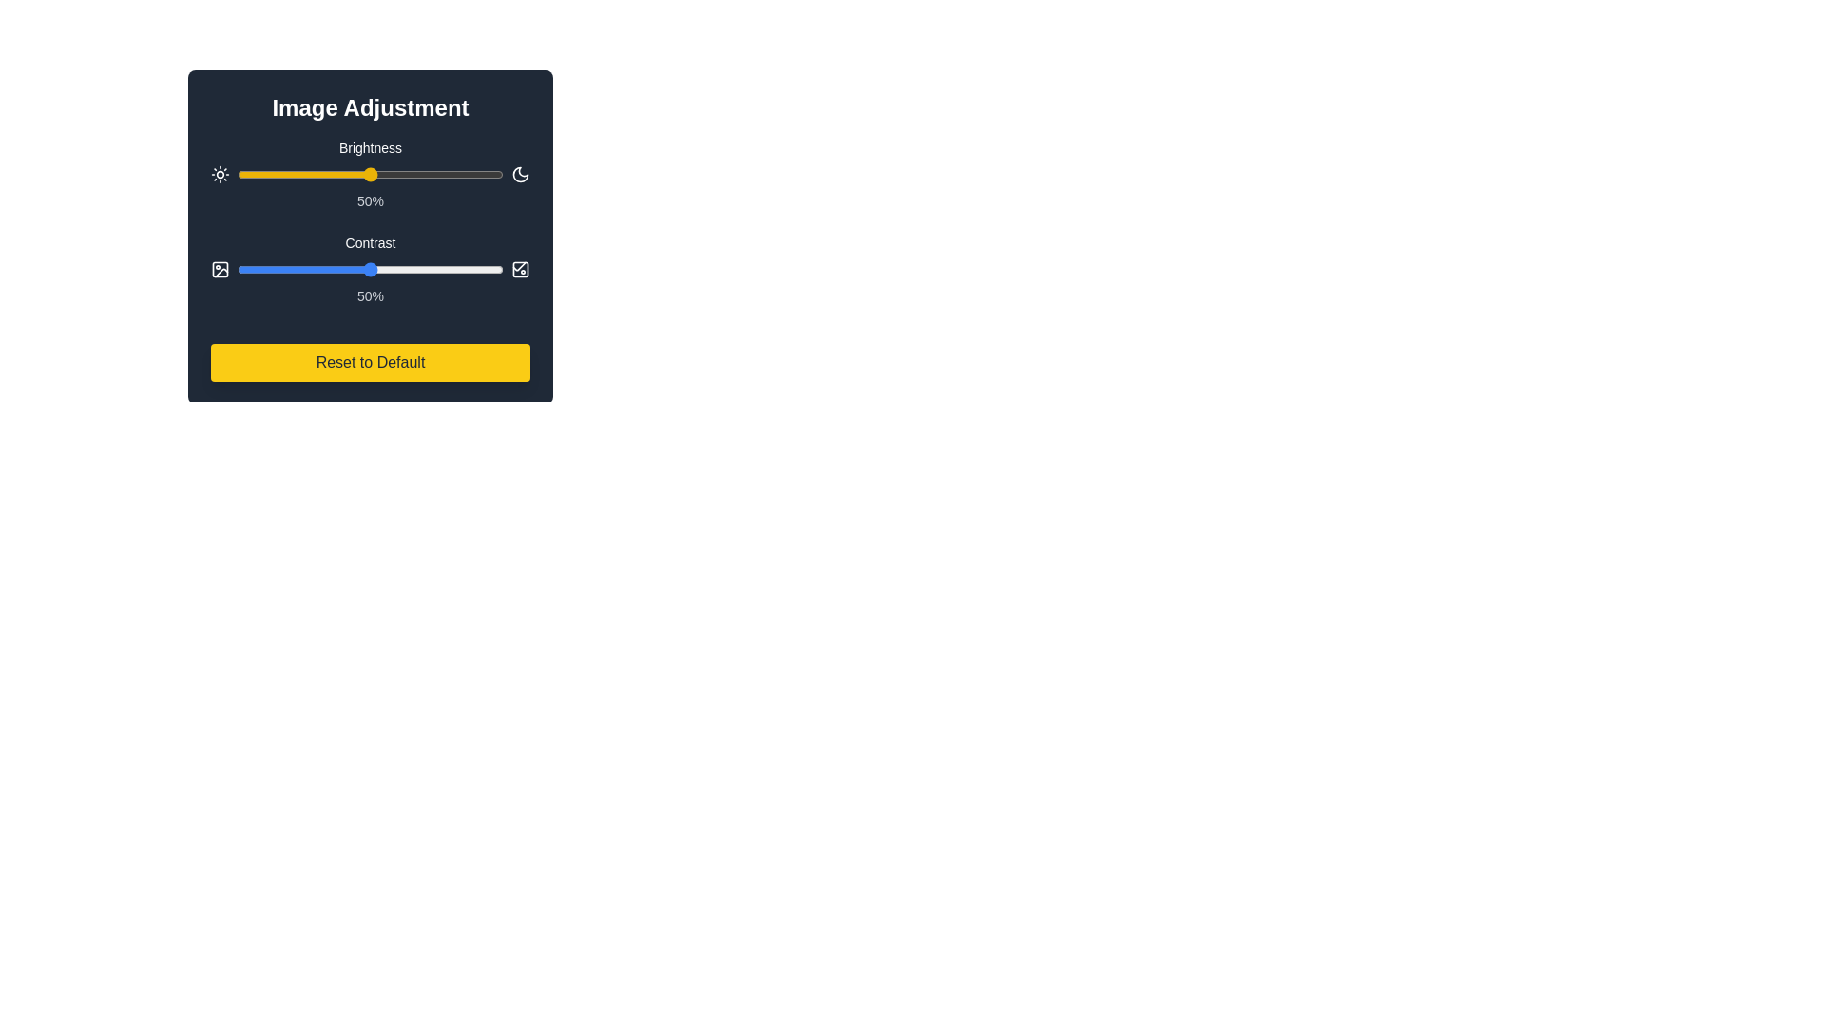 The width and height of the screenshot is (1825, 1026). Describe the element at coordinates (370, 296) in the screenshot. I see `value displayed in the static text label showing '50%' located below the 'Contrast' slider control` at that location.